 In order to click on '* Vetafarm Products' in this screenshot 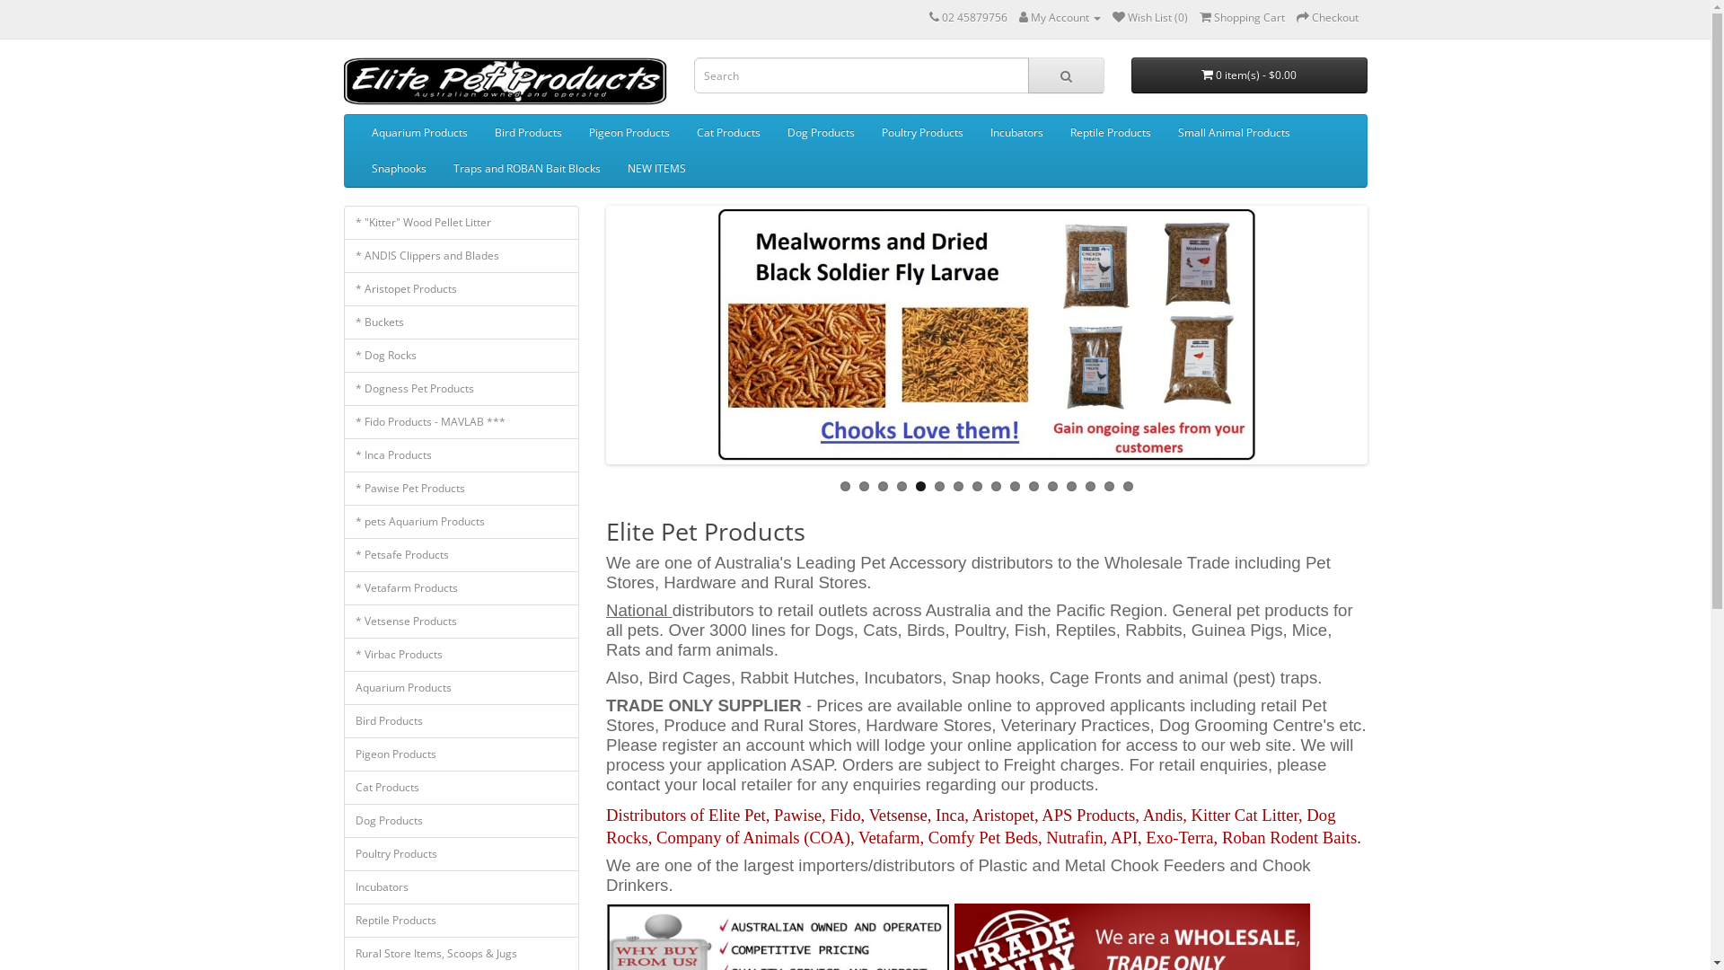, I will do `click(461, 588)`.